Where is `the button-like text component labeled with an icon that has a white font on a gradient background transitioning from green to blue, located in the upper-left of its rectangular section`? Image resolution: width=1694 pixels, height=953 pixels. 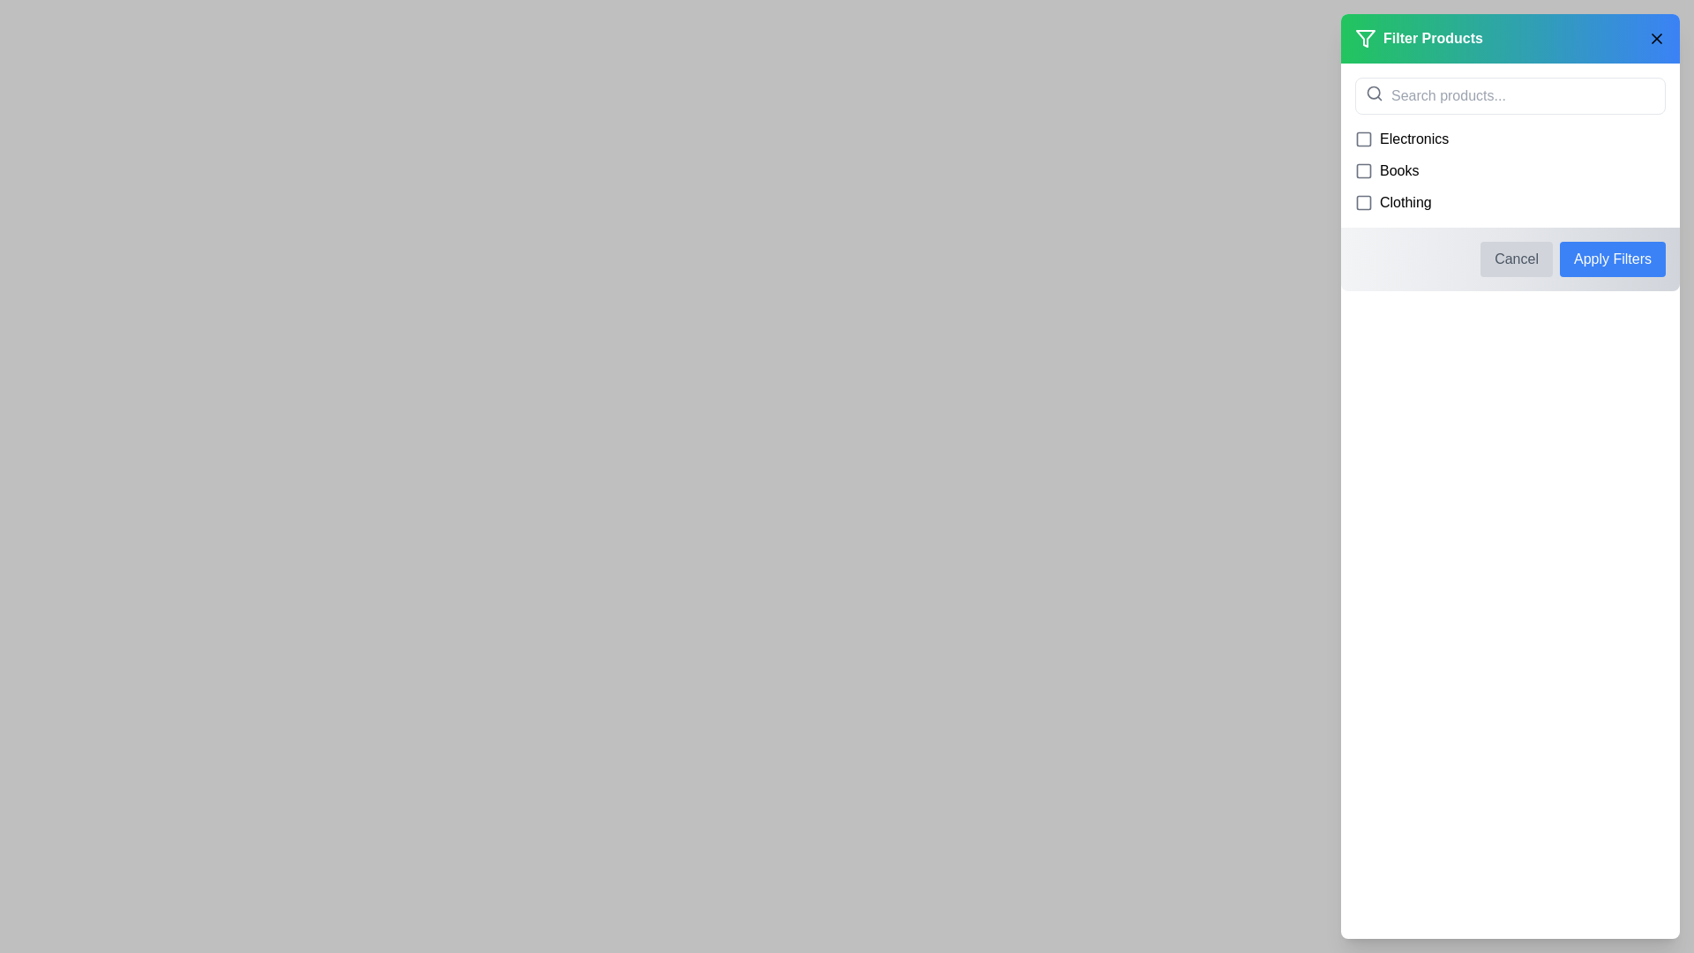
the button-like text component labeled with an icon that has a white font on a gradient background transitioning from green to blue, located in the upper-left of its rectangular section is located at coordinates (1419, 38).